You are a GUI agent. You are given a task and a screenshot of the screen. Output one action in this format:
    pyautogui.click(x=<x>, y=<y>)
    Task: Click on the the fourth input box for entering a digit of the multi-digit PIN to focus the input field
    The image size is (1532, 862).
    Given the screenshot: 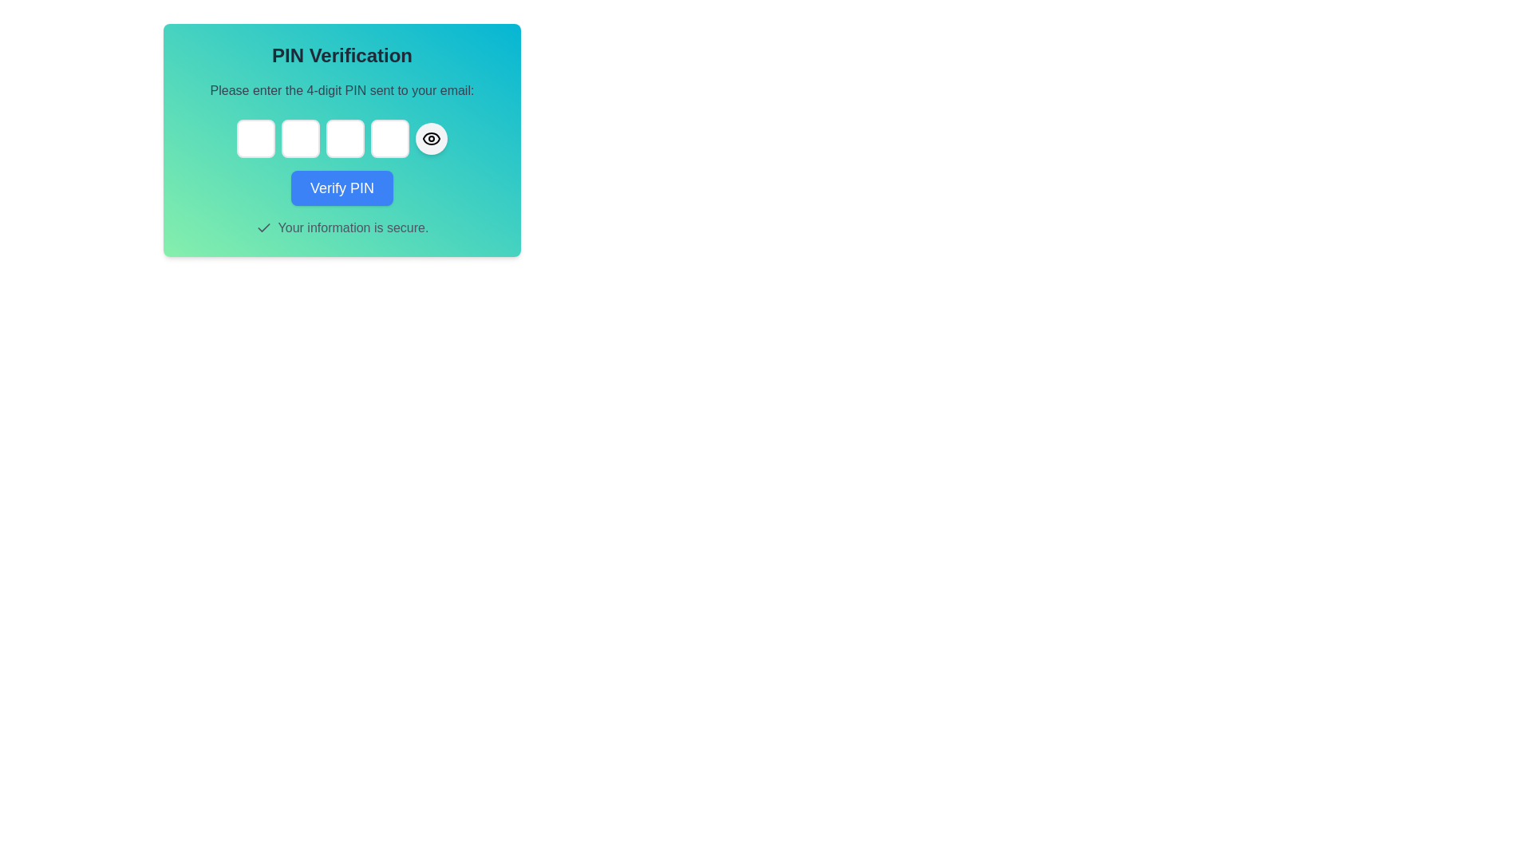 What is the action you would take?
    pyautogui.click(x=390, y=137)
    